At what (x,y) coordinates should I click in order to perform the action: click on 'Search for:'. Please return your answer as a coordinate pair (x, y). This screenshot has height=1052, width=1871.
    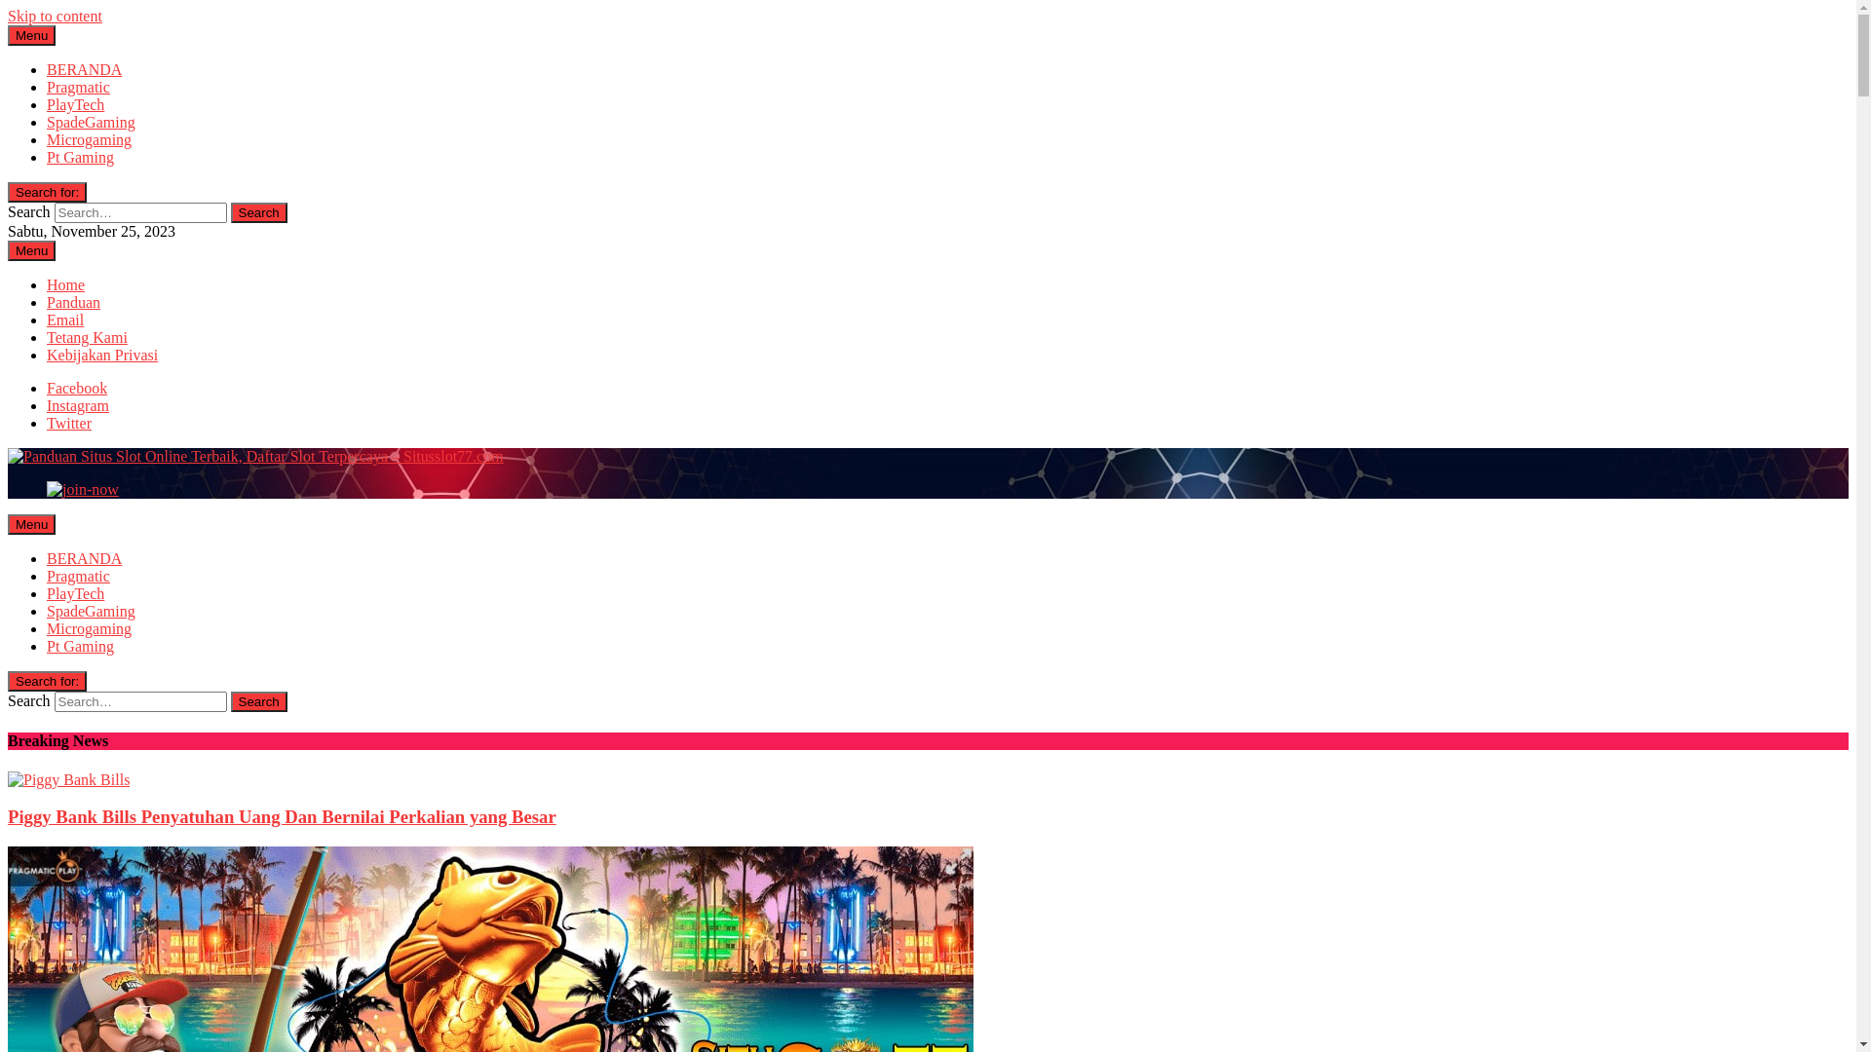
    Looking at the image, I should click on (47, 192).